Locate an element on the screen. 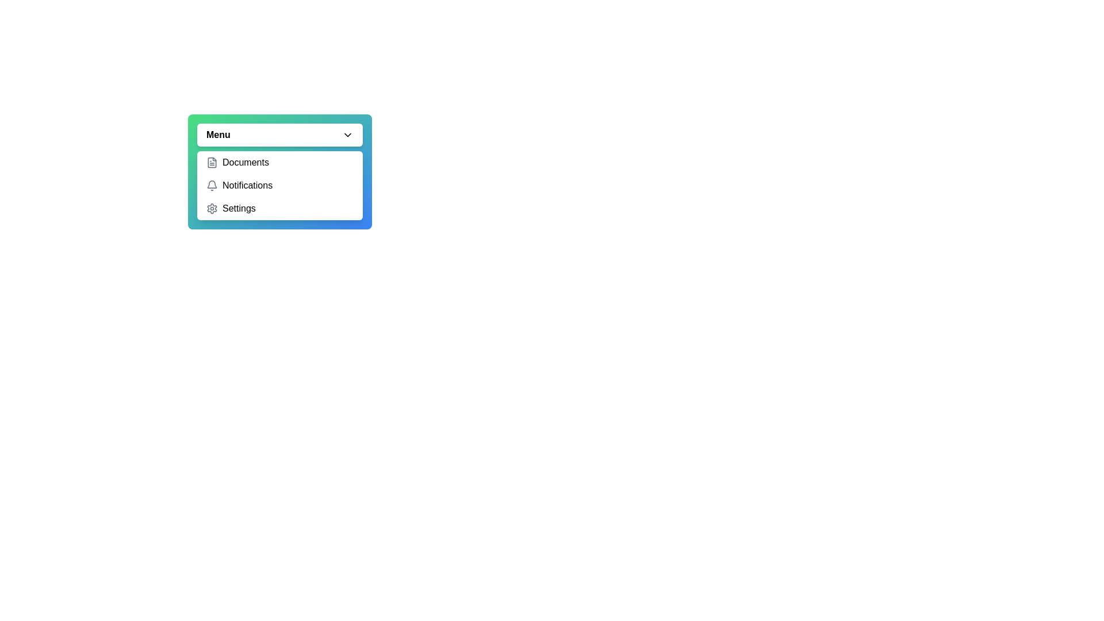  the 'Settings' menu item, which is the third item in the dropdown menu is located at coordinates (279, 208).